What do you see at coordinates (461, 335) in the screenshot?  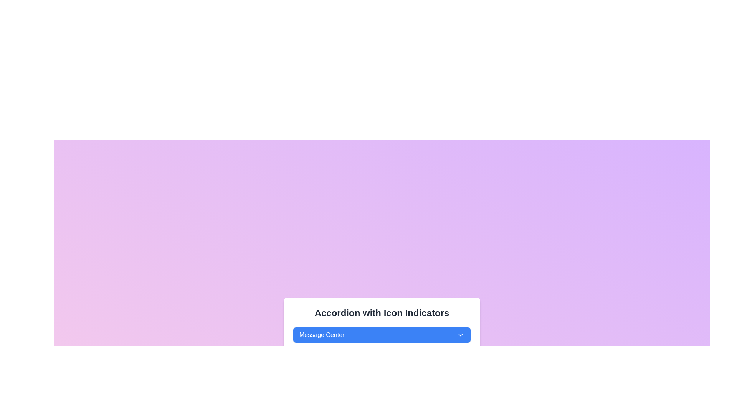 I see `the Chevron indicator located at the right edge of the 'Message Center' button` at bounding box center [461, 335].